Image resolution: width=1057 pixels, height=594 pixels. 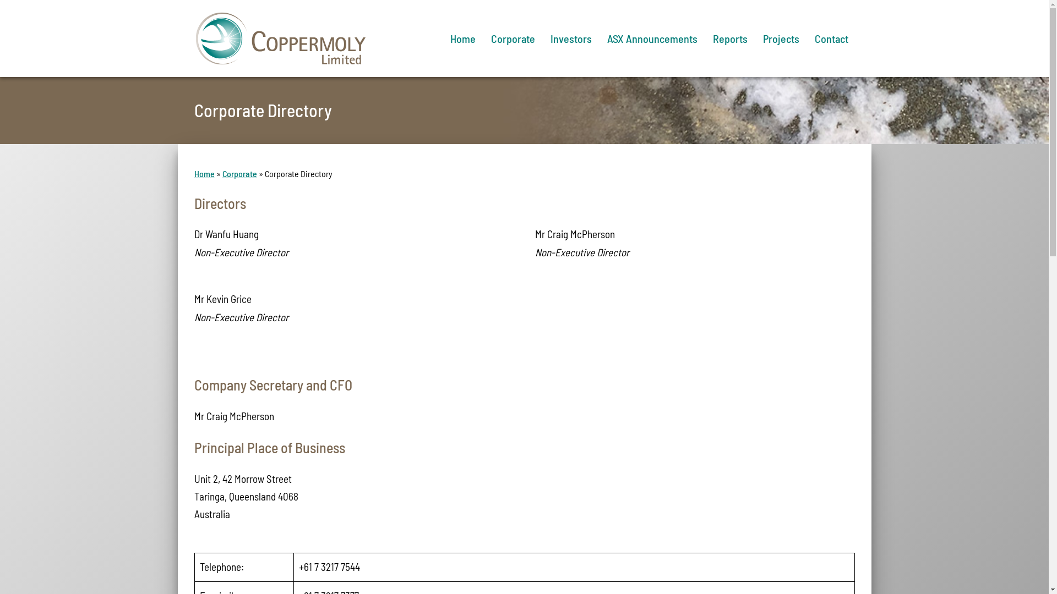 I want to click on 'Home', so click(x=462, y=37).